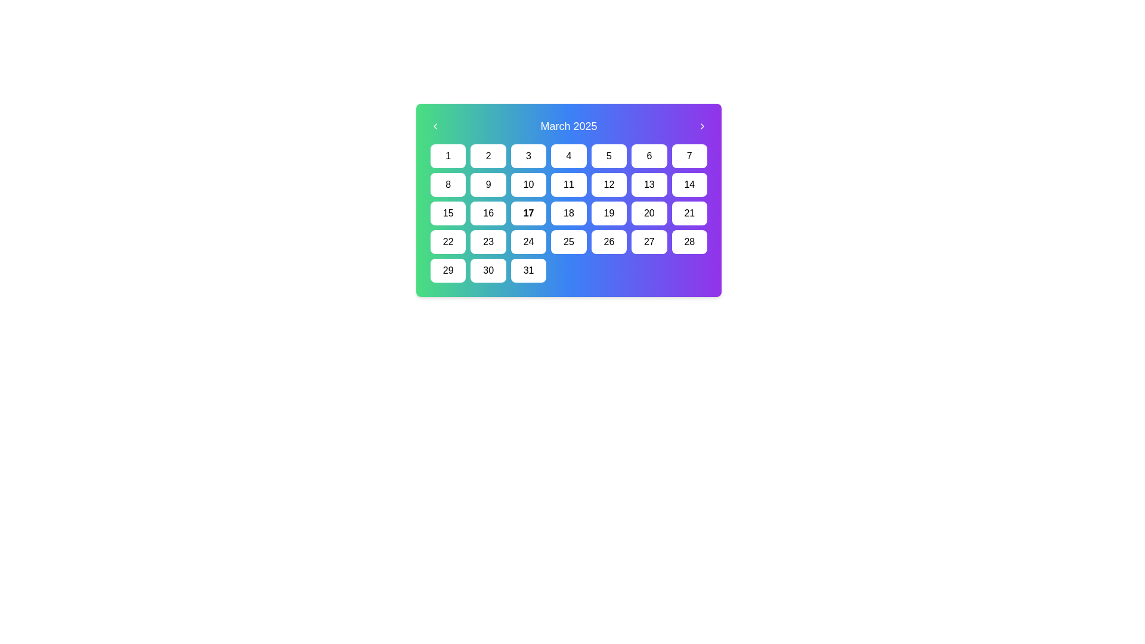  What do you see at coordinates (702, 126) in the screenshot?
I see `the forward navigation button represented by a right-pointing arrow icon, located at the top-right of the header displaying 'March 2025'` at bounding box center [702, 126].